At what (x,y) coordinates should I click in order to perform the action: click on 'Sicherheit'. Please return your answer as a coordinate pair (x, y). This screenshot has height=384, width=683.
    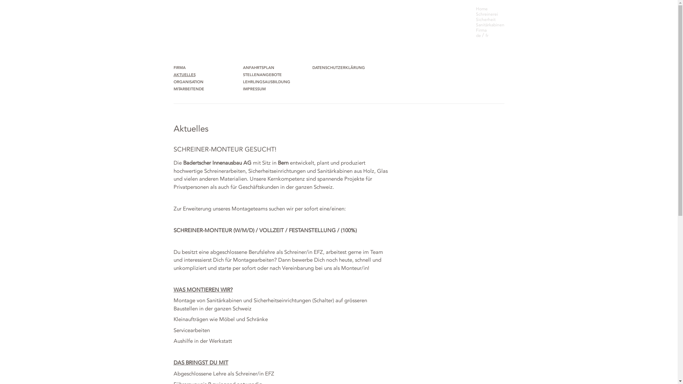
    Looking at the image, I should click on (485, 19).